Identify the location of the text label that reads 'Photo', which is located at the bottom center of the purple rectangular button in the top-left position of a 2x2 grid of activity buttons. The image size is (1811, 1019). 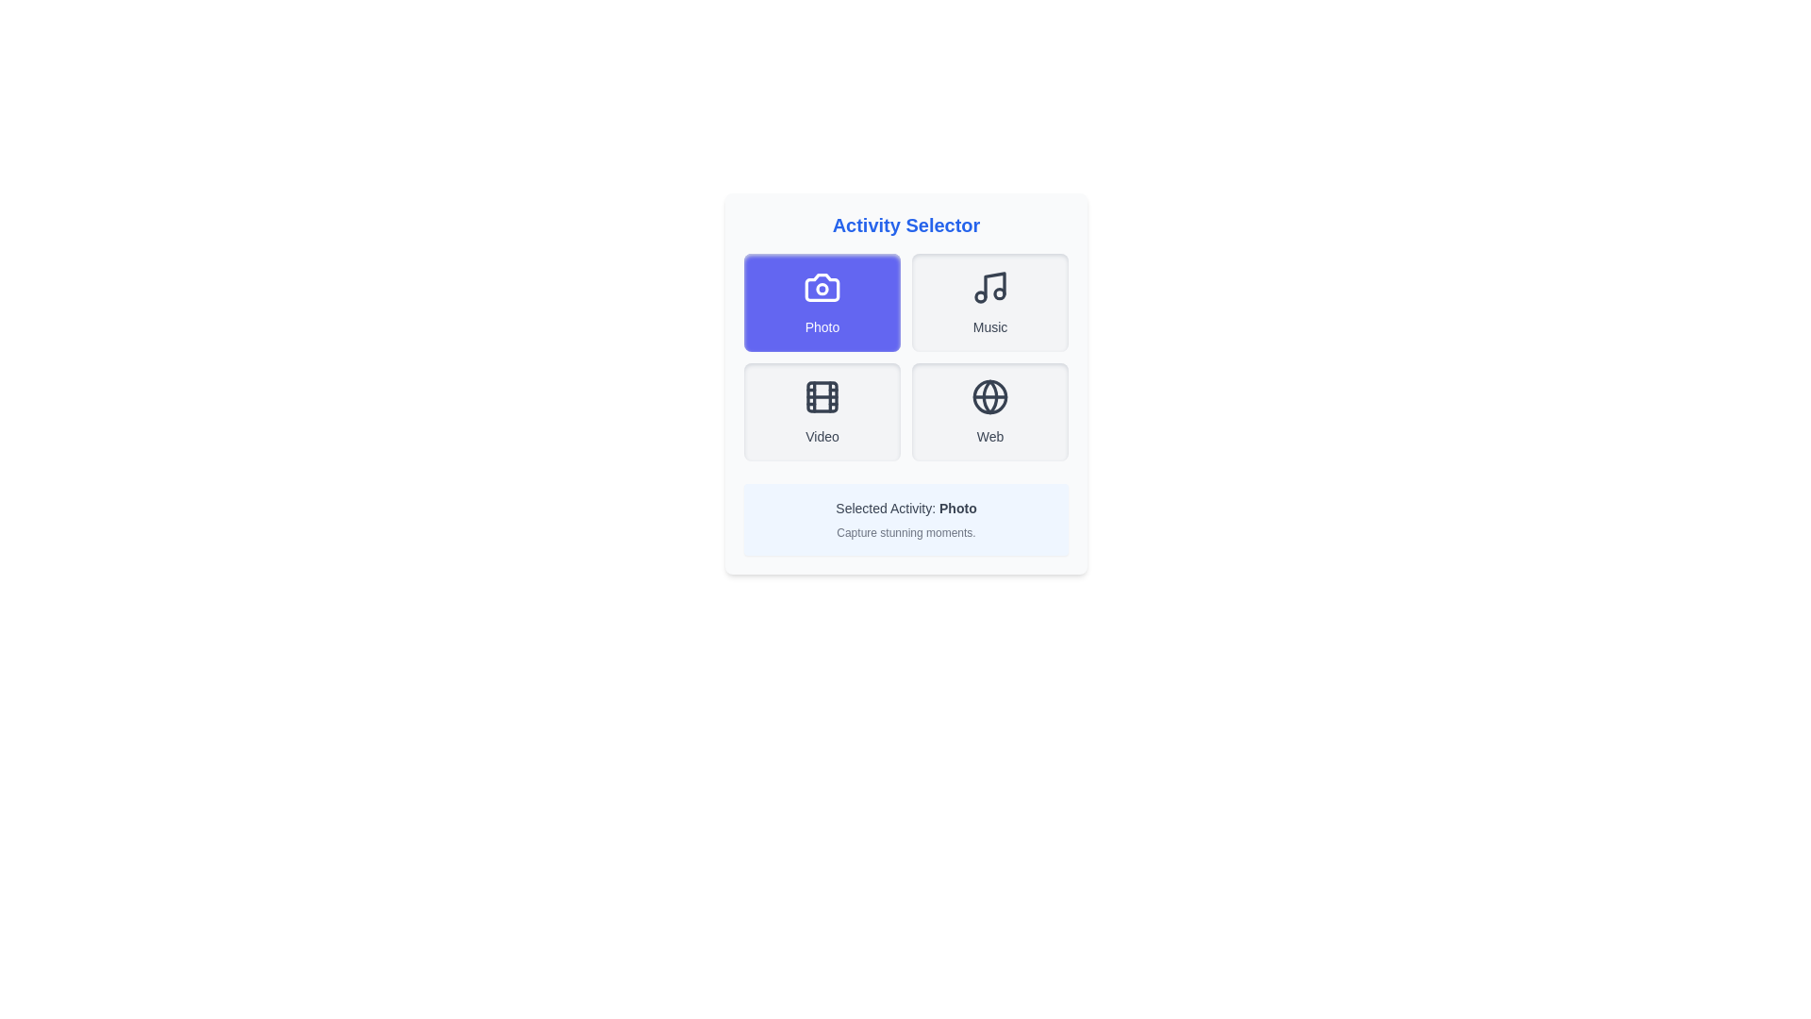
(822, 326).